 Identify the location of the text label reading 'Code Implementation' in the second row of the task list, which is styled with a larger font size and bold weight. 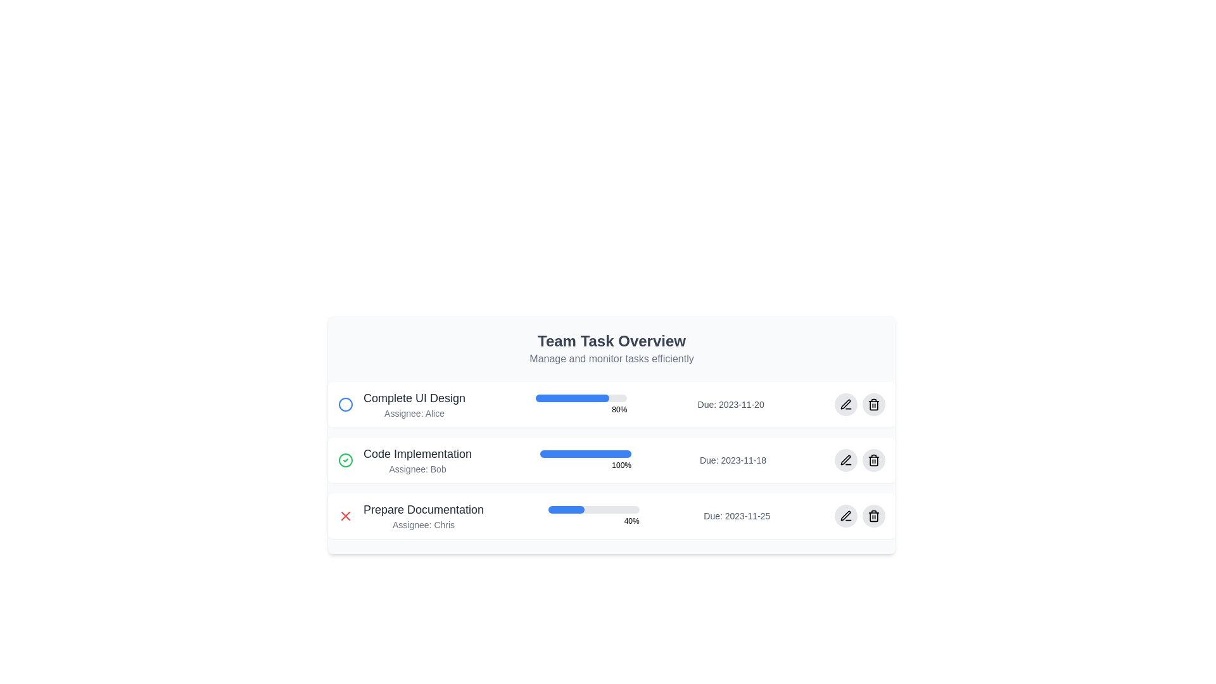
(417, 453).